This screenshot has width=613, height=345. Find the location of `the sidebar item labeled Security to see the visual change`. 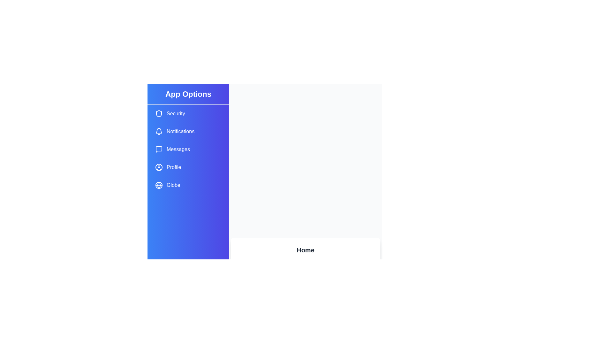

the sidebar item labeled Security to see the visual change is located at coordinates (188, 113).